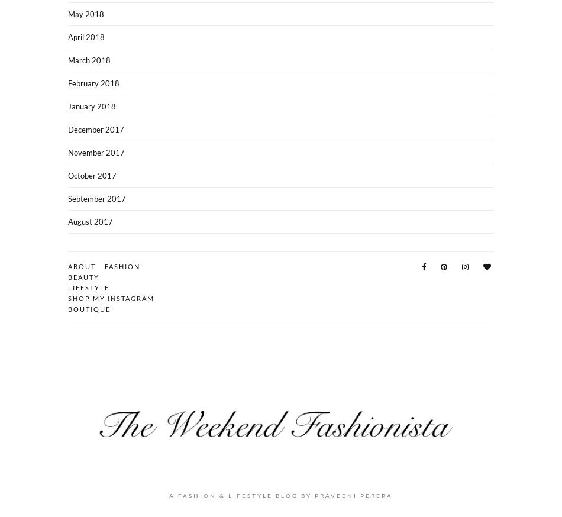  I want to click on 'A Fashion & Lifestyle Blog by Praveeni Perera', so click(169, 495).